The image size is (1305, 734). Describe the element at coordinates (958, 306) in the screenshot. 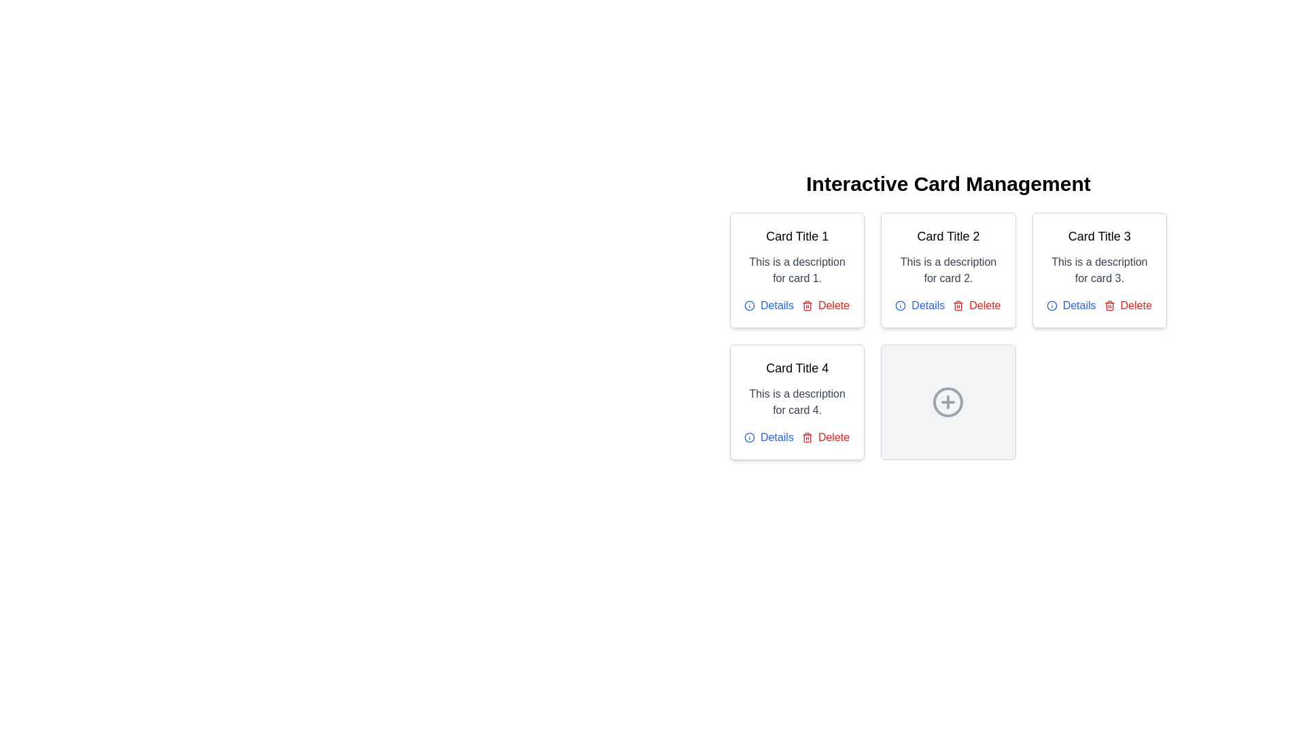

I see `the red trash can icon` at that location.